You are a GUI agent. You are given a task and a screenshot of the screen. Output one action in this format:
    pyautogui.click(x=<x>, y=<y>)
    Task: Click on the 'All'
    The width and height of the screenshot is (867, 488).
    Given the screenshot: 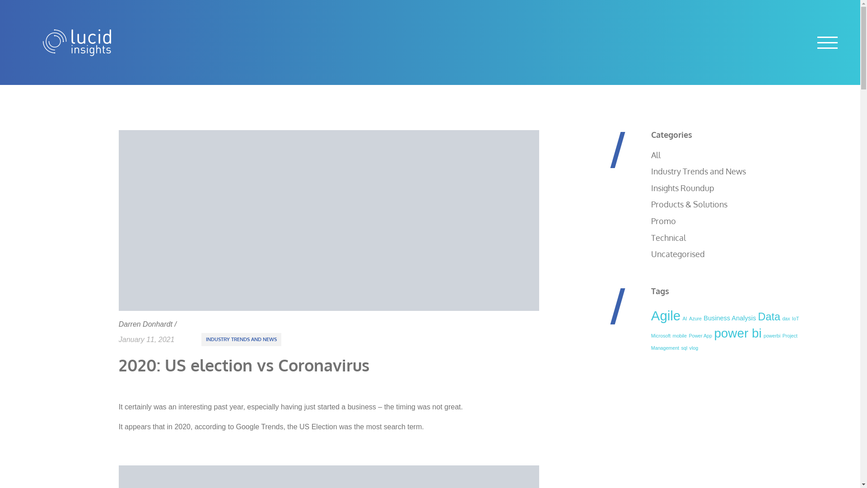 What is the action you would take?
    pyautogui.click(x=656, y=155)
    